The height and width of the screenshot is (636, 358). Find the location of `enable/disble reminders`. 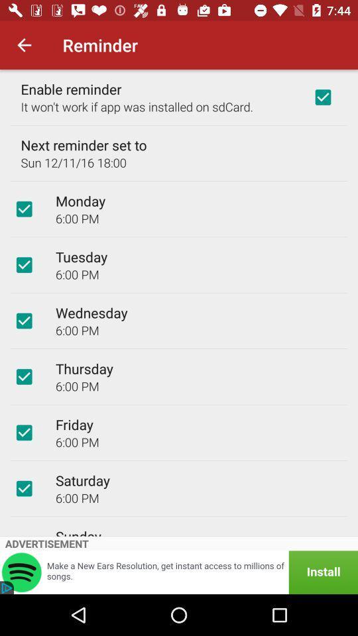

enable/disble reminders is located at coordinates (322, 96).